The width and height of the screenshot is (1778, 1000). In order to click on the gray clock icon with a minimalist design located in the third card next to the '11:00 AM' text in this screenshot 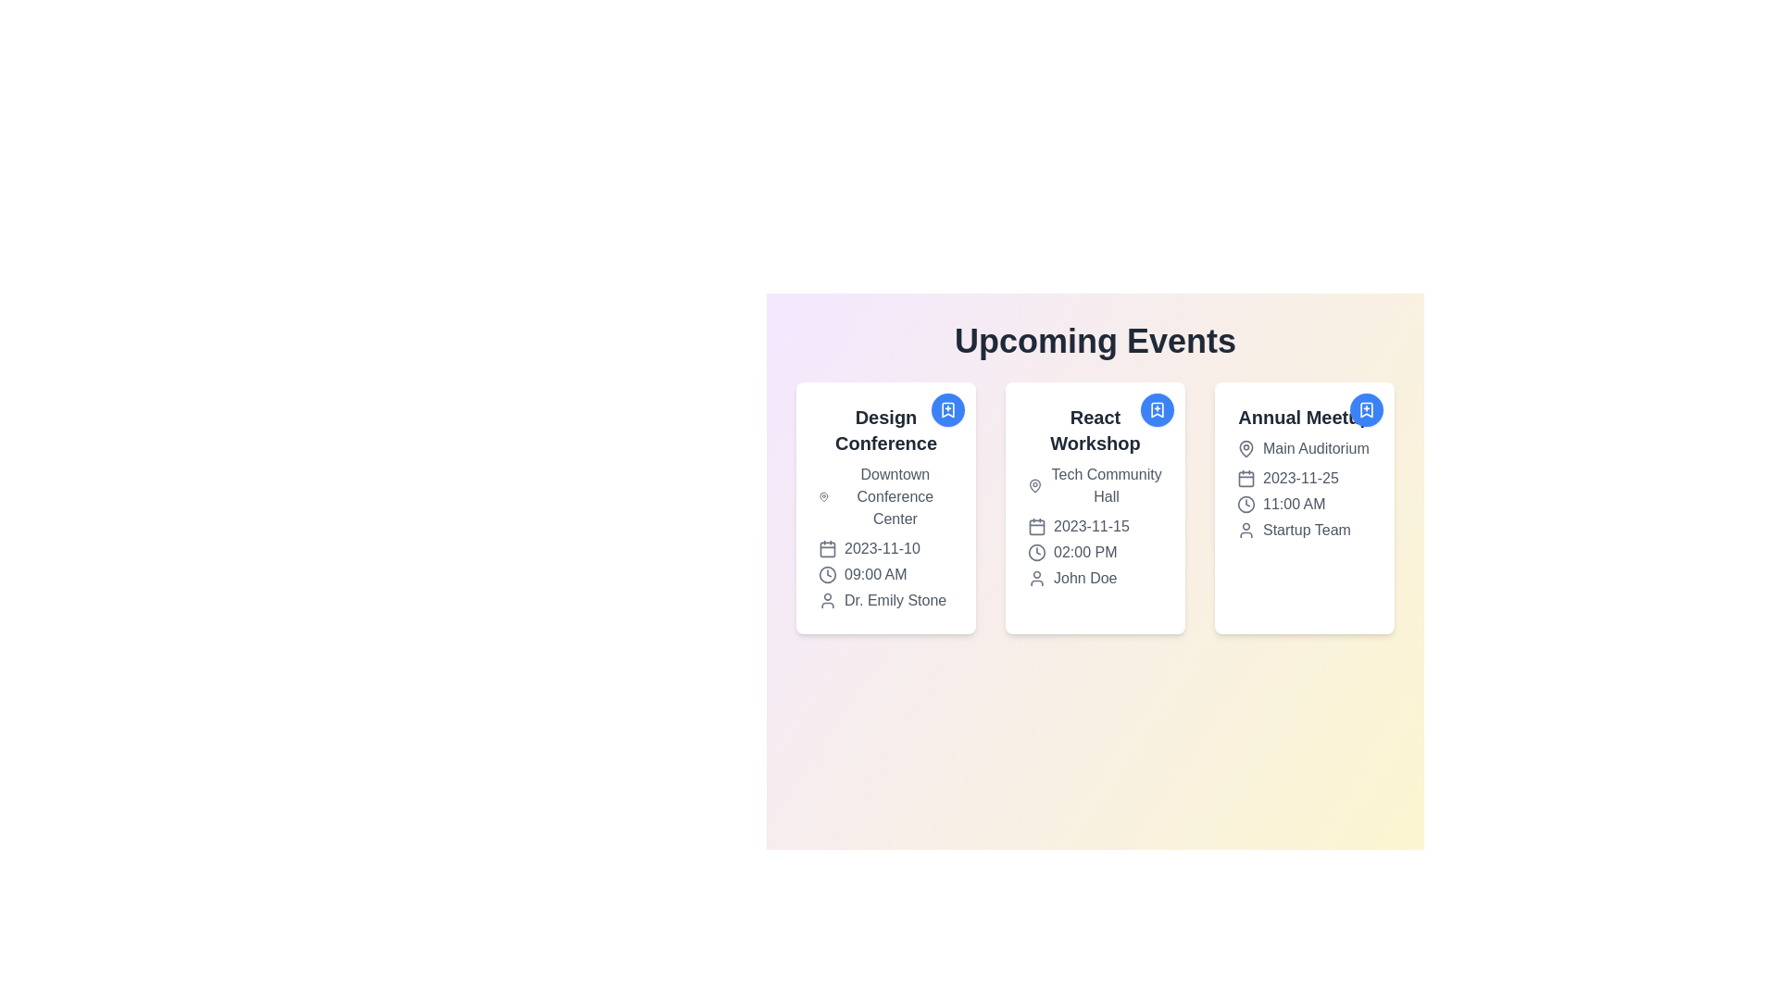, I will do `click(1246, 504)`.